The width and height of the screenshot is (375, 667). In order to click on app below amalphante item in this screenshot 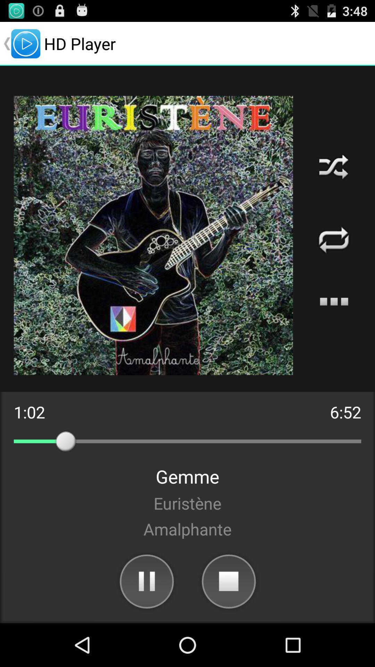, I will do `click(146, 581)`.